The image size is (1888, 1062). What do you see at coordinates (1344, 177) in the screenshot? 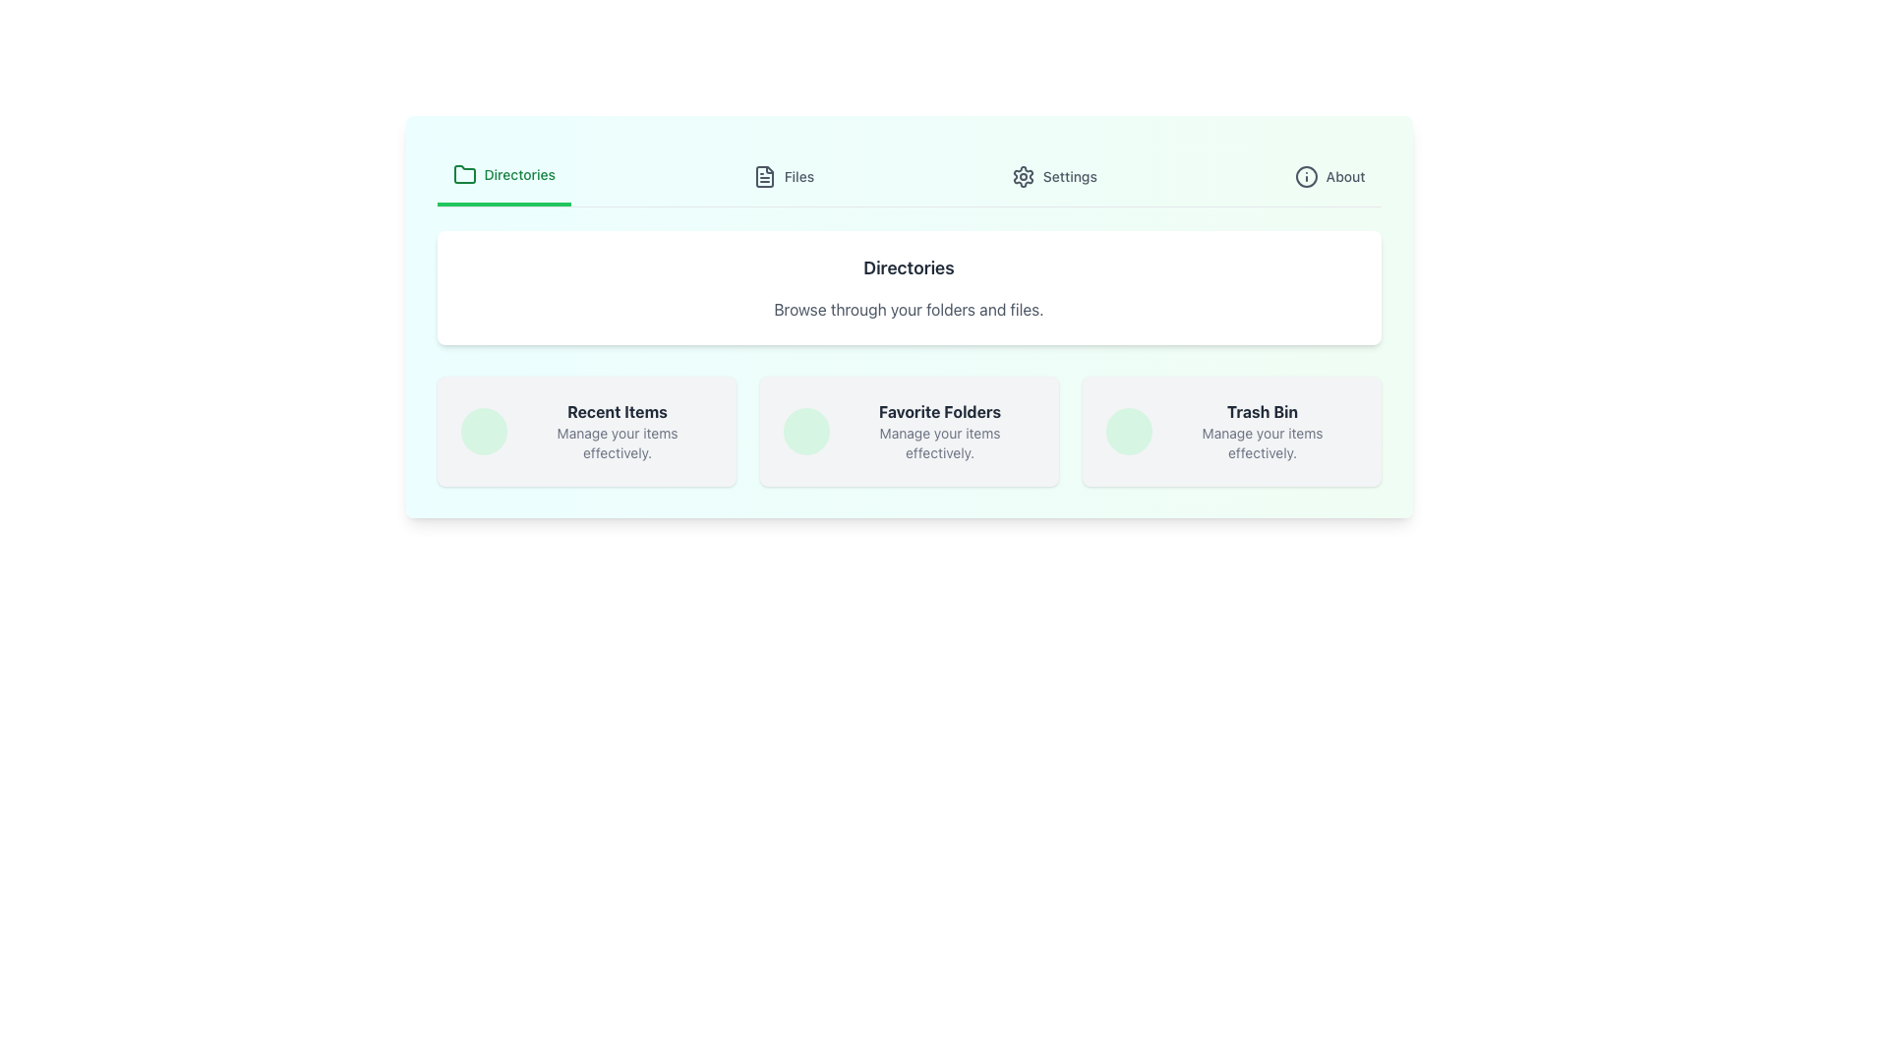
I see `the static text element indicating the 'About' section located in the top-right corner of the interface, adjacent to the 'Settings' option` at bounding box center [1344, 177].